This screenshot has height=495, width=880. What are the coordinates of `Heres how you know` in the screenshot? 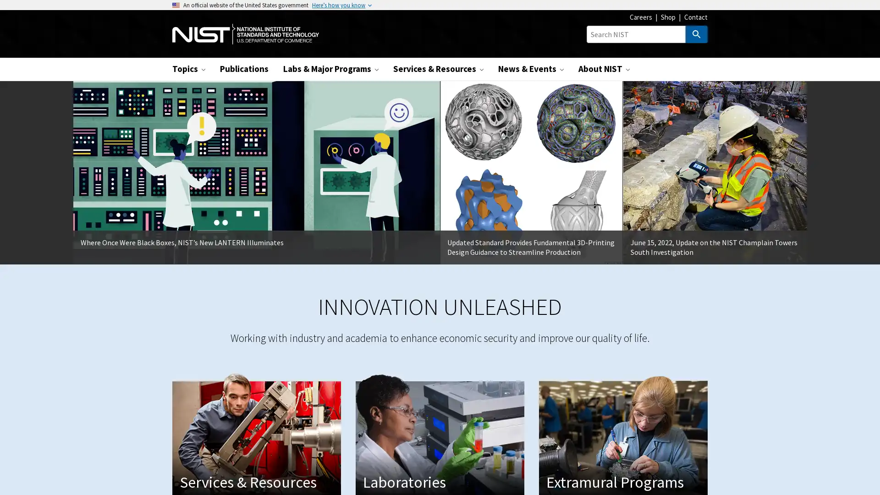 It's located at (338, 5).